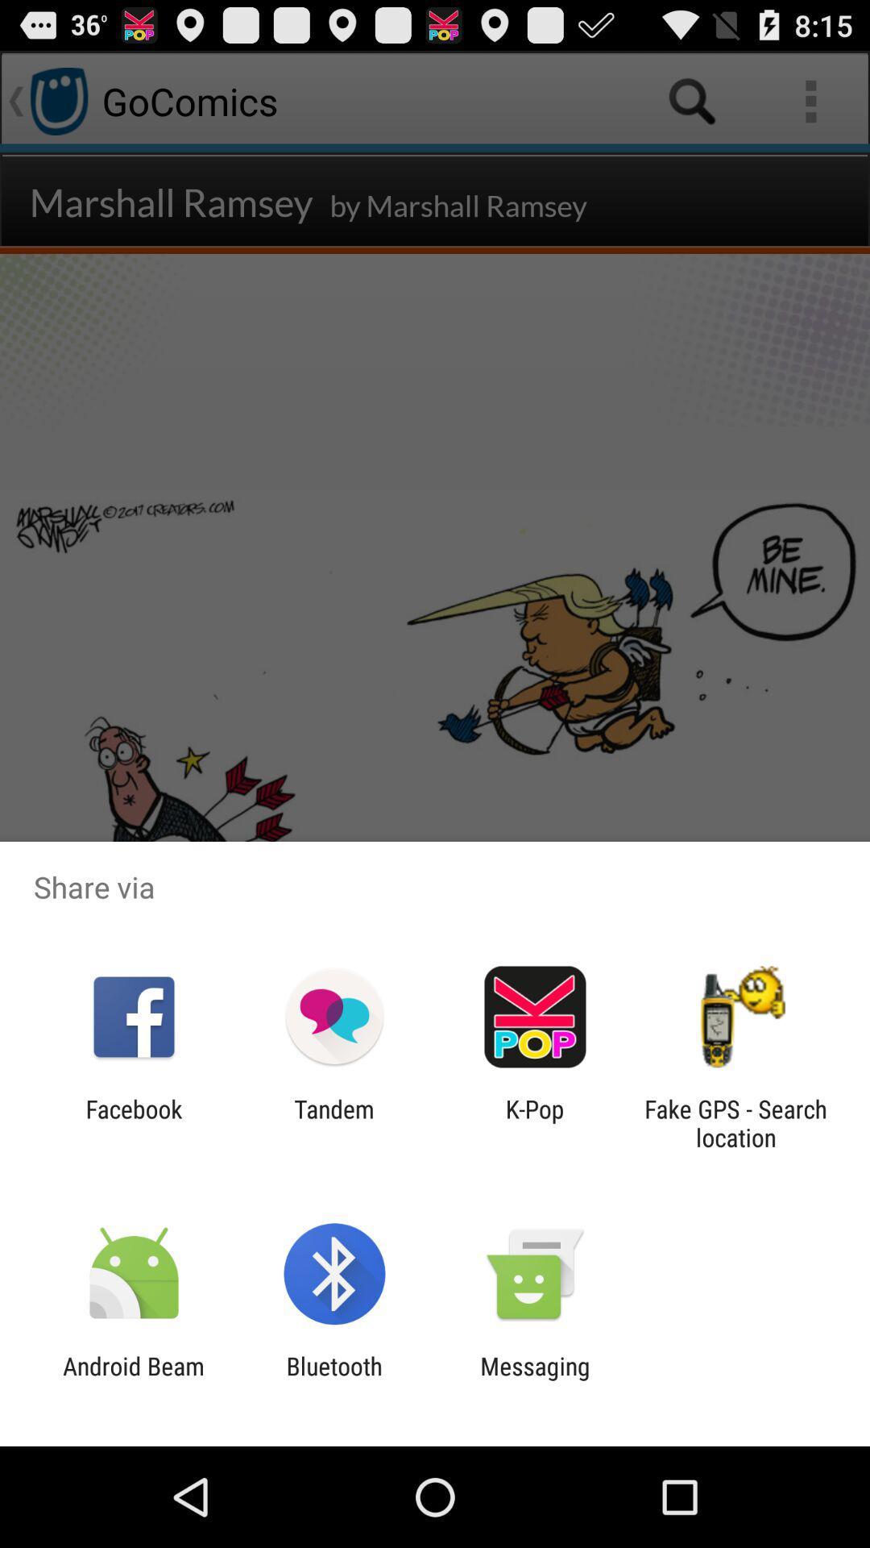 This screenshot has width=870, height=1548. What do you see at coordinates (333, 1122) in the screenshot?
I see `icon to the right of the facebook app` at bounding box center [333, 1122].